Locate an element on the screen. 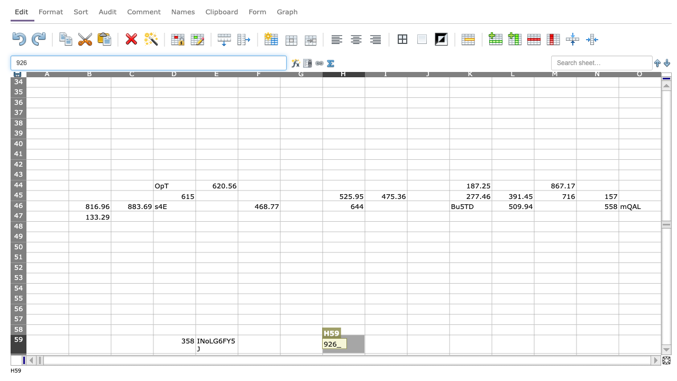  Southeast corner of cell J59 is located at coordinates (450, 353).